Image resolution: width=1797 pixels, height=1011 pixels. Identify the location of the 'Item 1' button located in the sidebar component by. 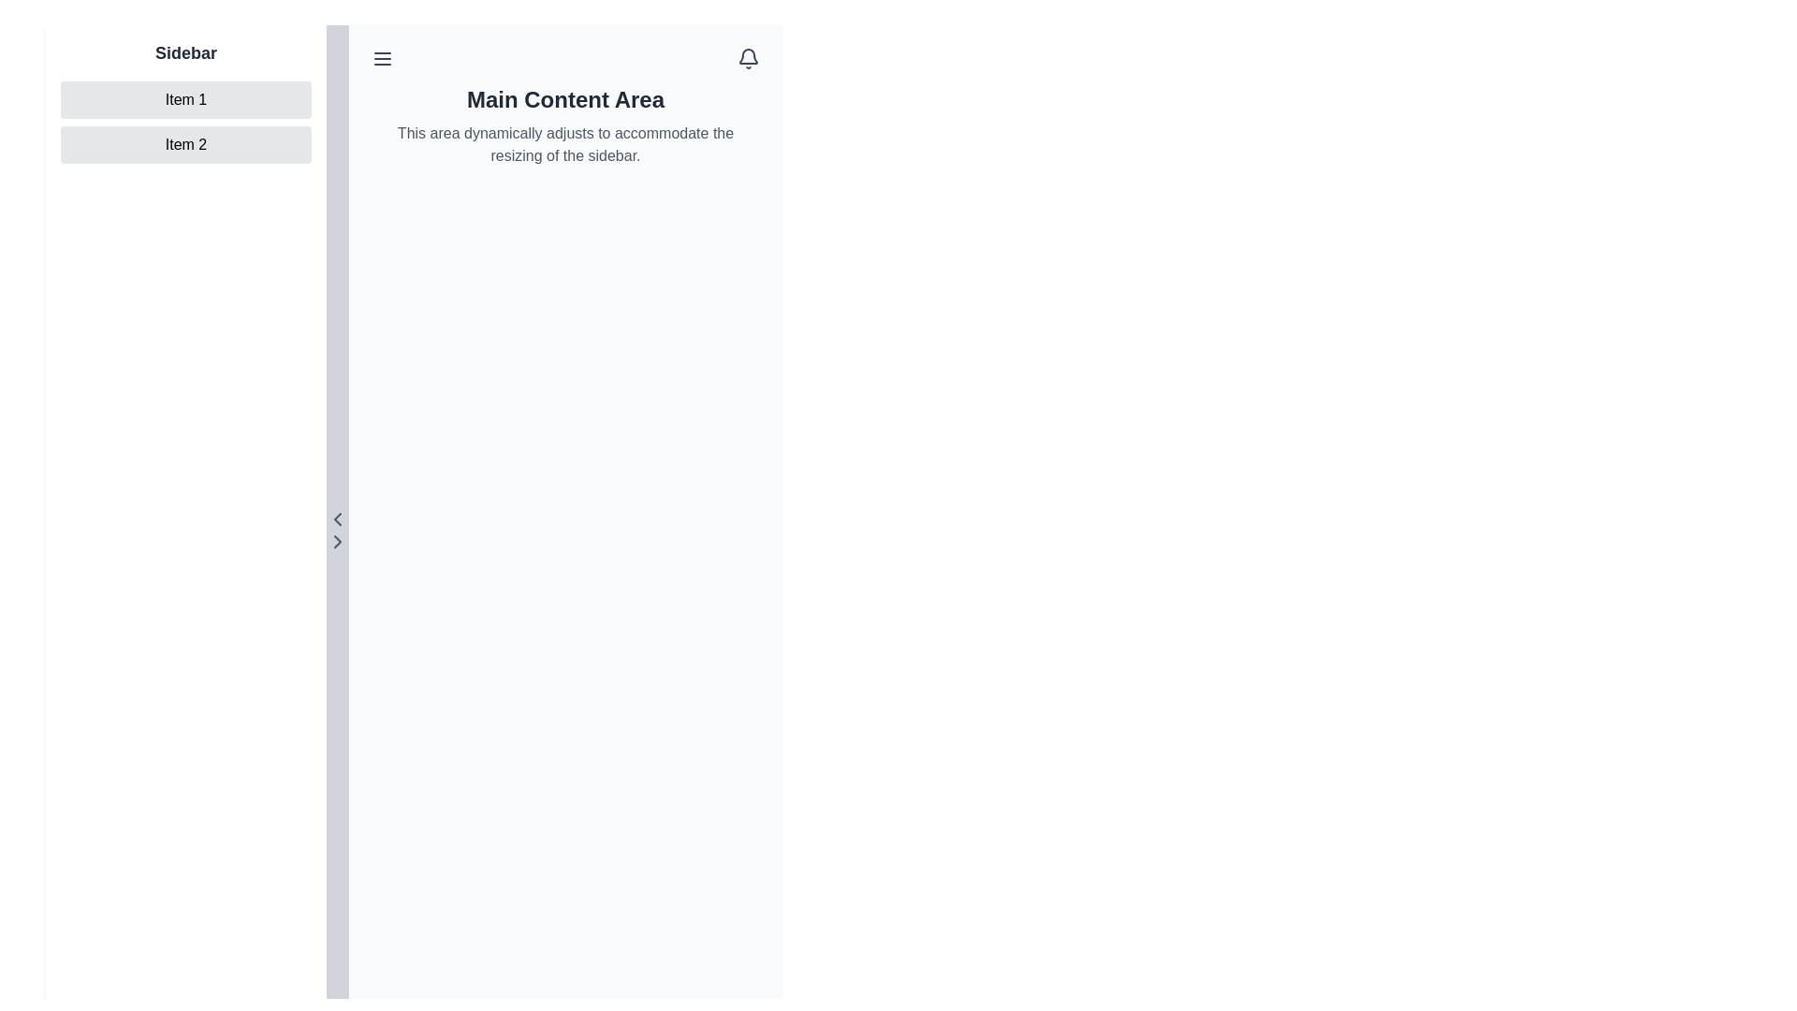
(185, 100).